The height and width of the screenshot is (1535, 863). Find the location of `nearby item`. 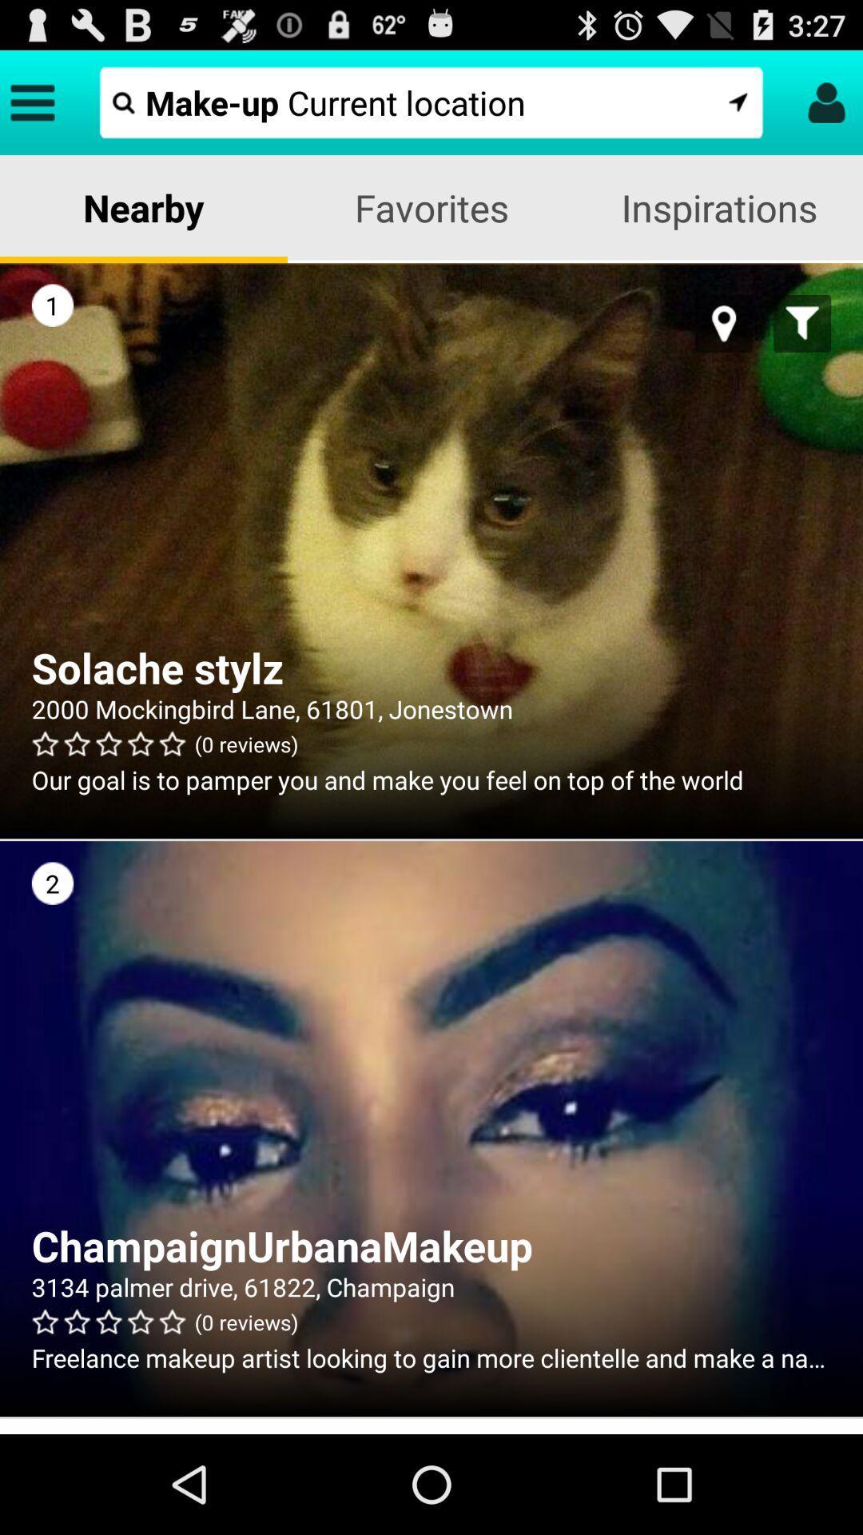

nearby item is located at coordinates (144, 206).